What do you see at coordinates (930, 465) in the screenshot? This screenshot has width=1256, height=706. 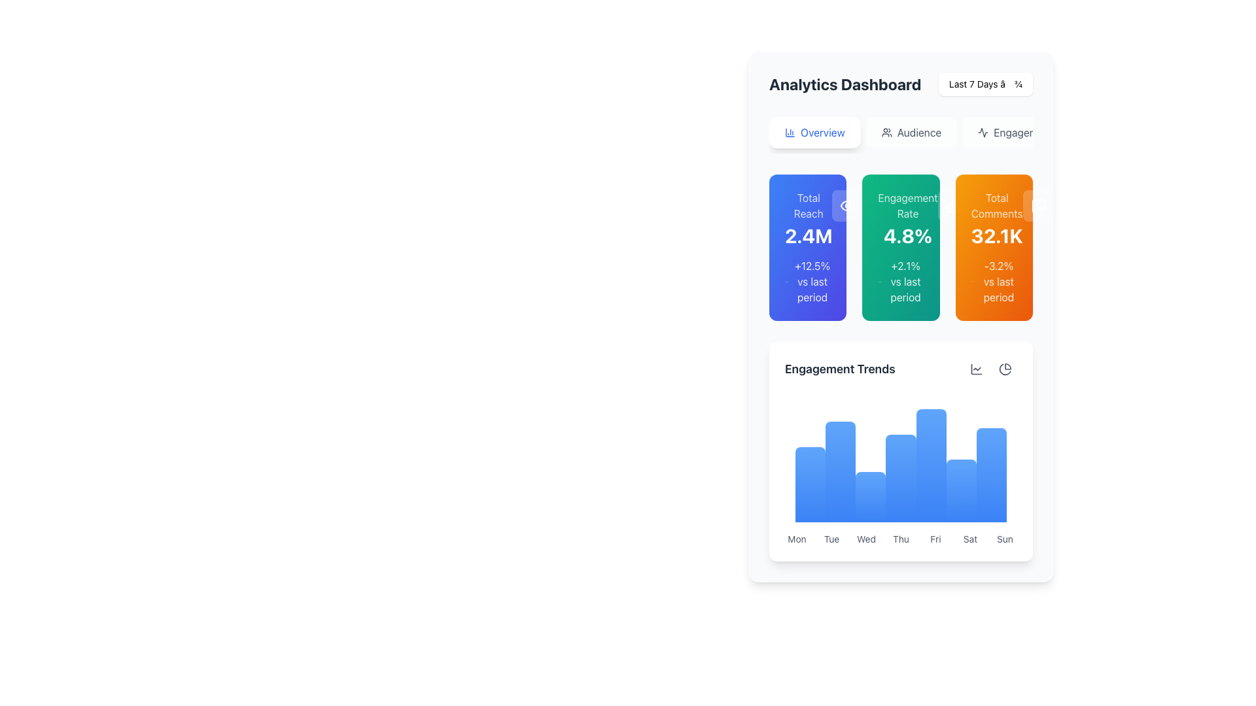 I see `the data represented by the fifth vertical bar in the 'Engagement Trends' bar chart, which has a gradient background transitioning from blue to lighter blue and is located above the label 'Fri'` at bounding box center [930, 465].